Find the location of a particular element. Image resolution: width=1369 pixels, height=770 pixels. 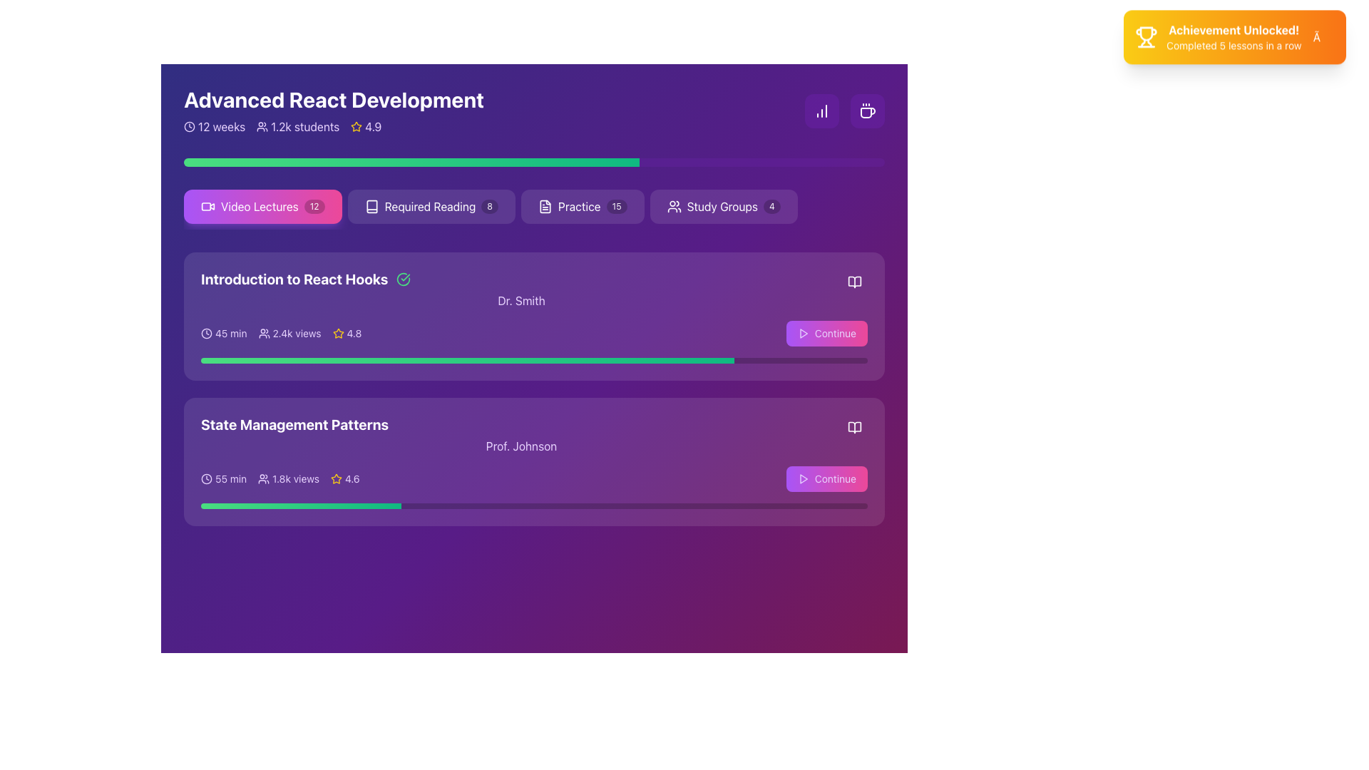

the analytics icon located in the top-right corner of the section is located at coordinates (821, 110).